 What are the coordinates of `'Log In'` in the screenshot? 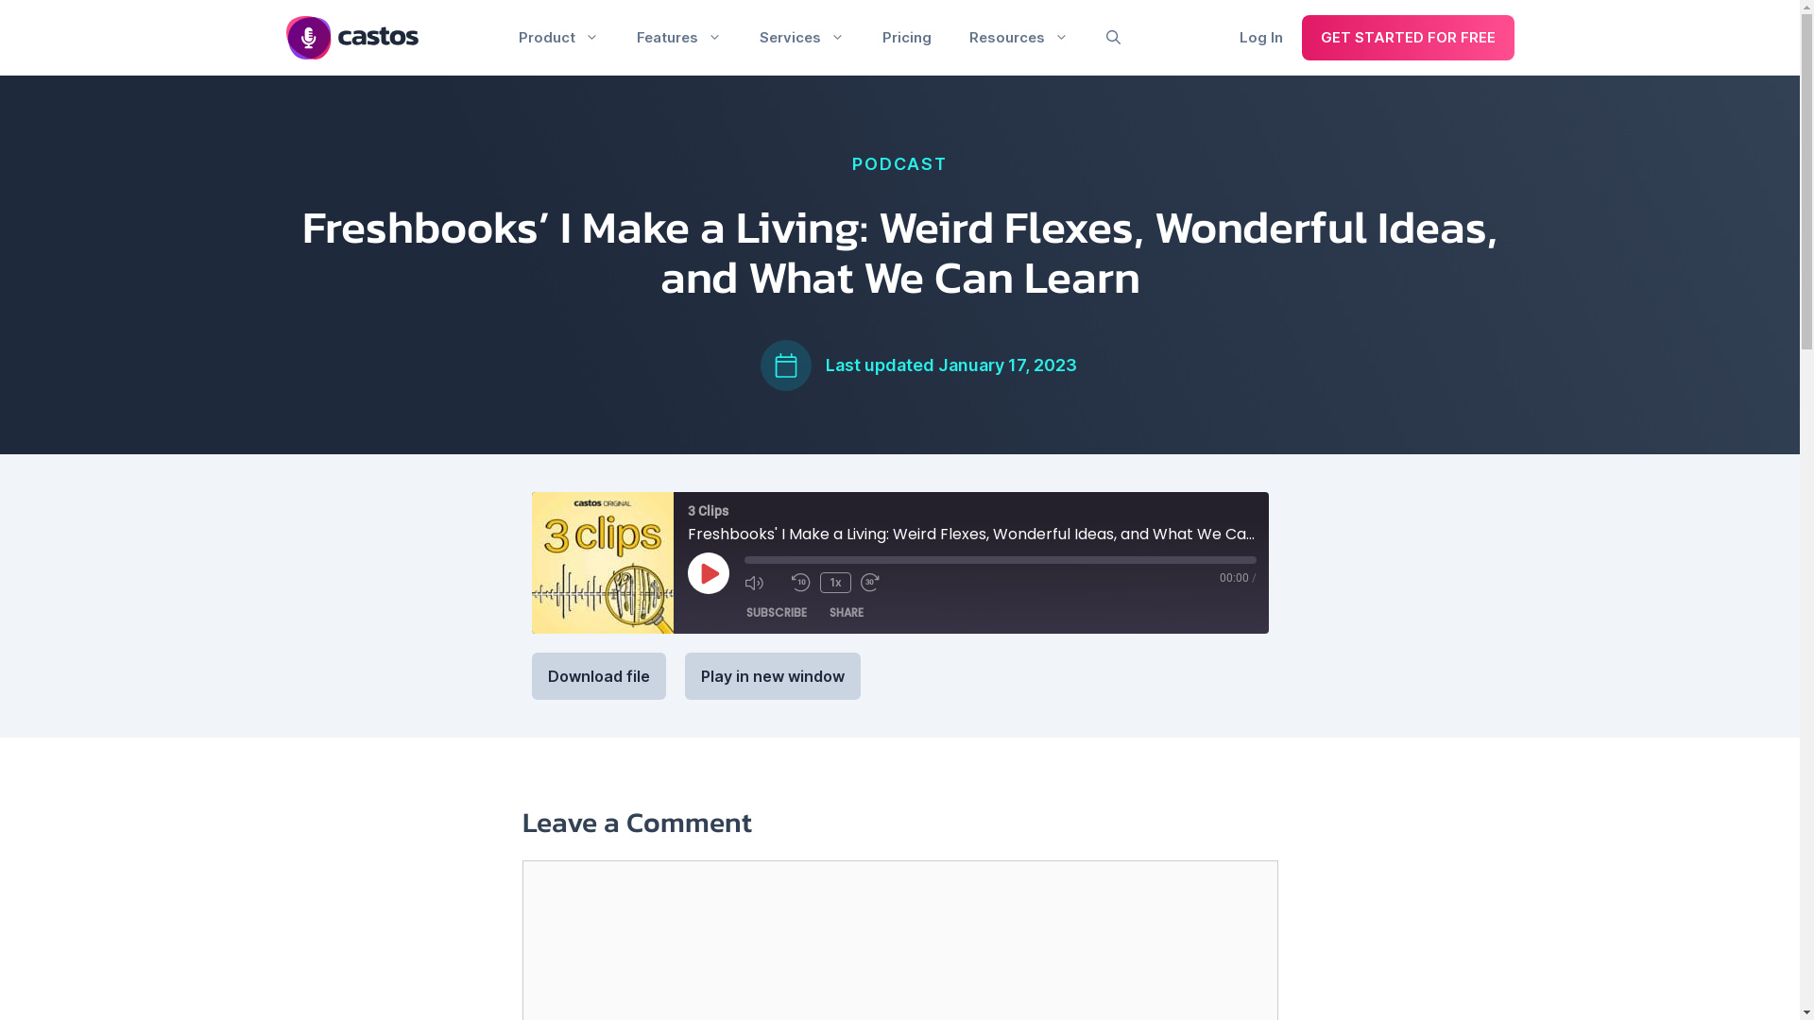 It's located at (1260, 37).